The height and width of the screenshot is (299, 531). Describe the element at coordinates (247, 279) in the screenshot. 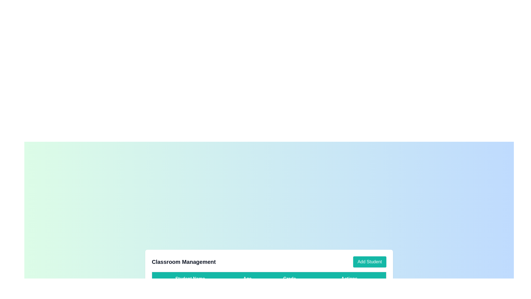

I see `the 'Age' text label in the table header, which is the second cell in a row of four cells, indicating the data category of the corresponding column` at that location.